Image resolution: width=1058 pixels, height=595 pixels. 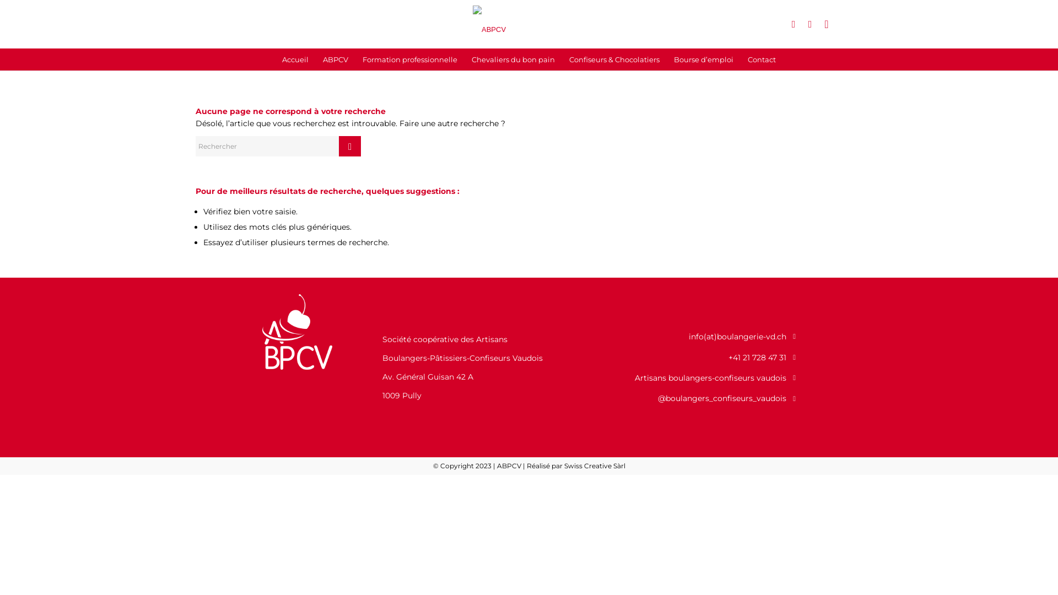 I want to click on 'info(at)boulangerie-vd.ch', so click(x=695, y=336).